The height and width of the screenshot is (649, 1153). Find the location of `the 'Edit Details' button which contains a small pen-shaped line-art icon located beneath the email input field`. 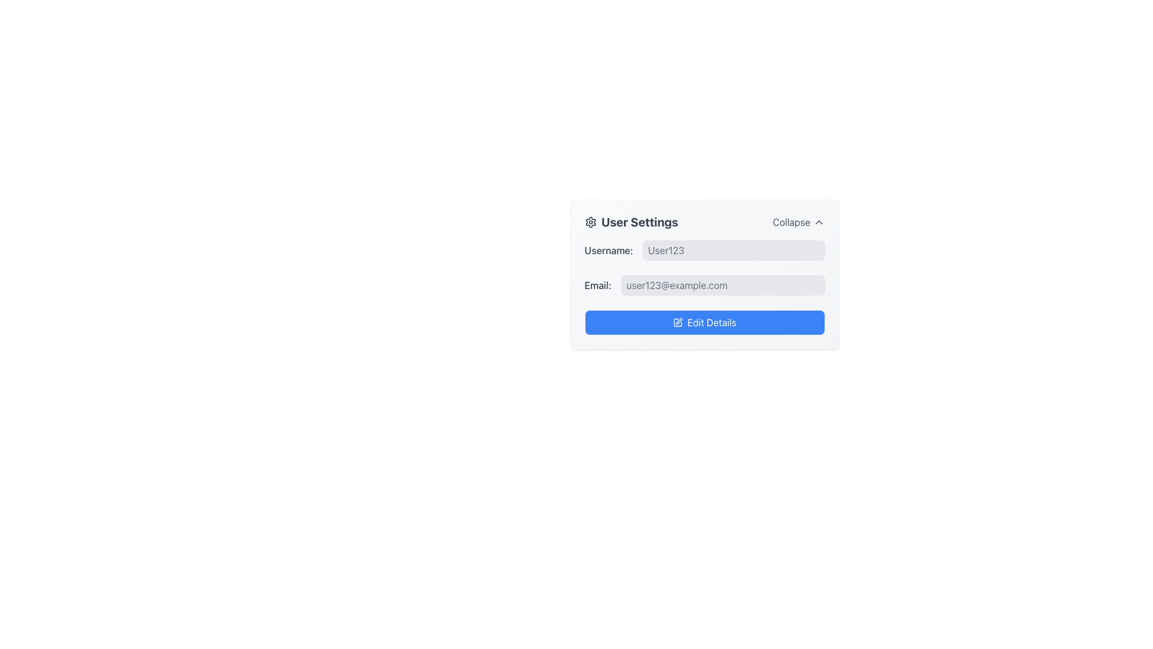

the 'Edit Details' button which contains a small pen-shaped line-art icon located beneath the email input field is located at coordinates (678, 321).